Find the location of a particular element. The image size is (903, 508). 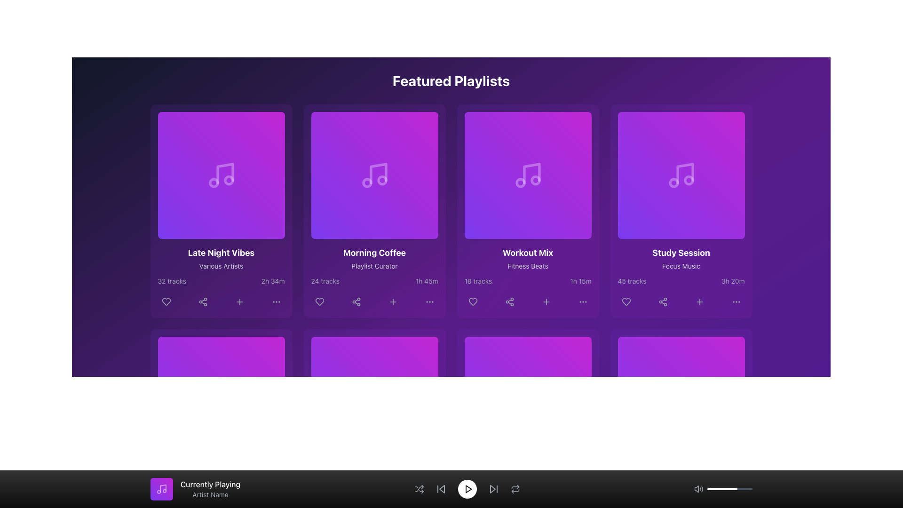

the volume level is located at coordinates (744, 489).